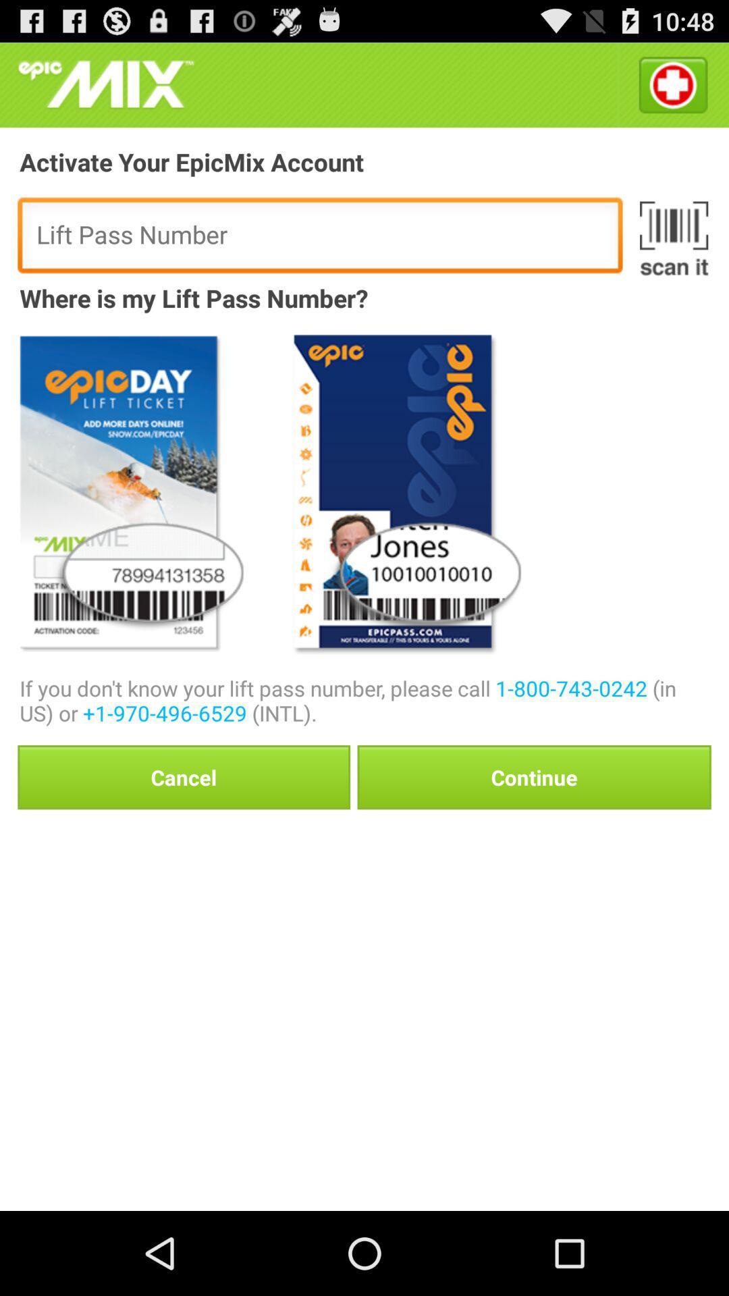  Describe the element at coordinates (533, 777) in the screenshot. I see `continue on the right` at that location.